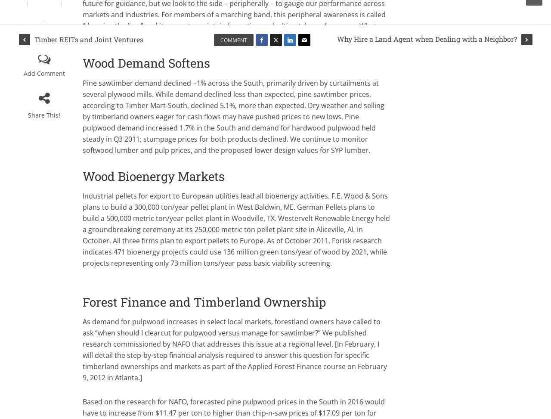 This screenshot has height=419, width=551. What do you see at coordinates (233, 116) in the screenshot?
I see `'Pine sawtimber demand declined ~1% across the South, primarily driven by curtailments at several plywood mills. While demand declined less than expected, pine sawtimber prices, according to Timber Mart-South, declined 5.1%, more than expected. Dry weather and selling by timberland owners eager for cash flows may have pushed prices to new lows. Pine pulpwood demand increased 1.7% in the South and demand for hardwood pulpwood held steady in Q3 2011; stumpage prices for both products declined. We continue to monitor softwood lumber and pulp prices, and the proposed lower design values for SYP lumber.'` at bounding box center [233, 116].